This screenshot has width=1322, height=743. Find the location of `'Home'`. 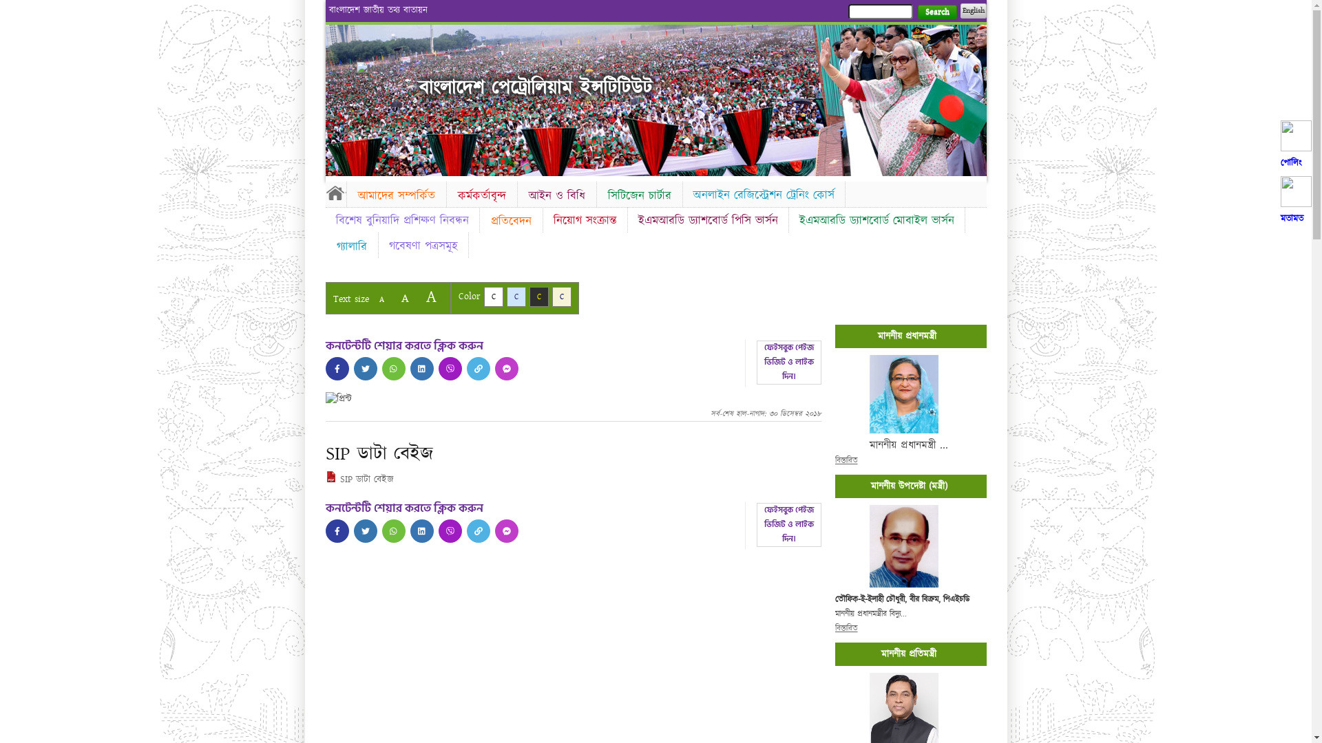

'Home' is located at coordinates (335, 193).